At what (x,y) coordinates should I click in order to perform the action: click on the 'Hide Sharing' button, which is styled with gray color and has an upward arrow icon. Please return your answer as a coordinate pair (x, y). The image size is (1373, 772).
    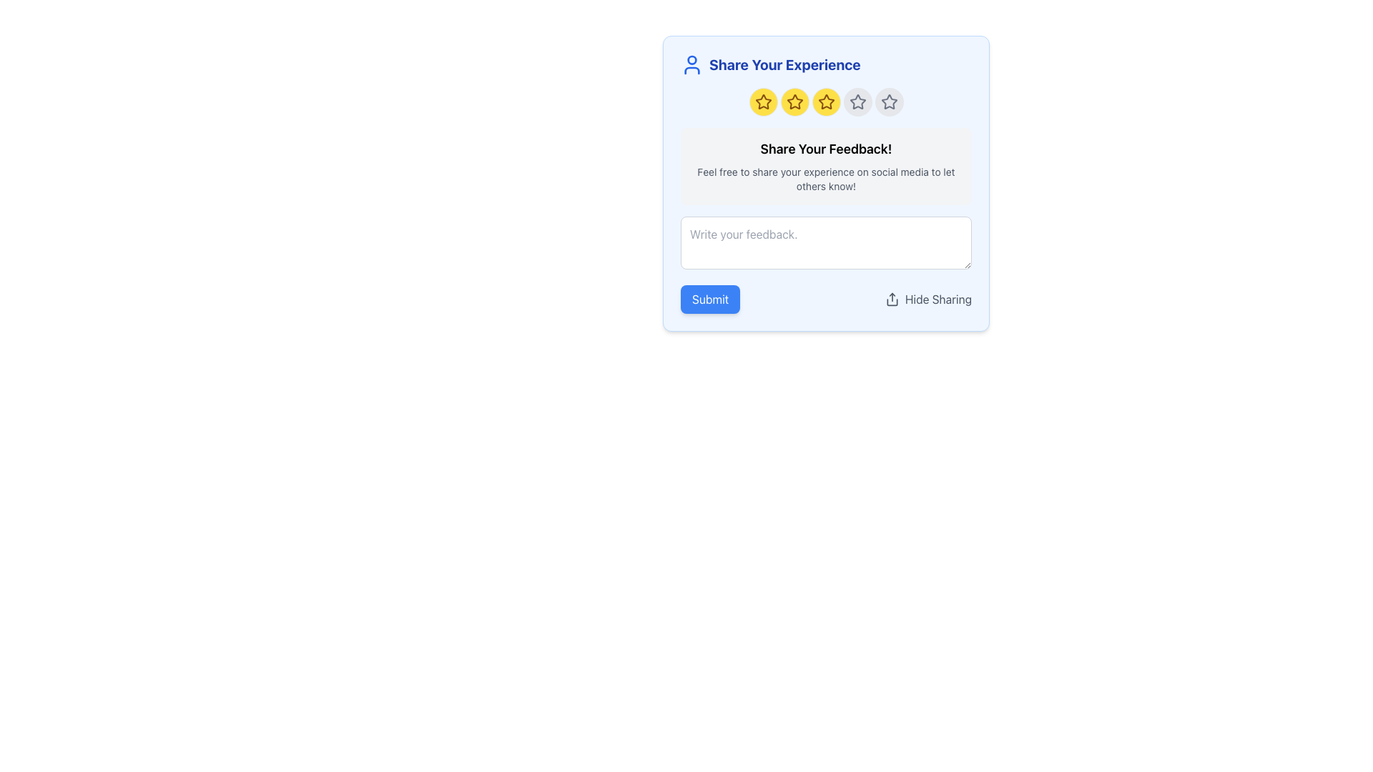
    Looking at the image, I should click on (927, 299).